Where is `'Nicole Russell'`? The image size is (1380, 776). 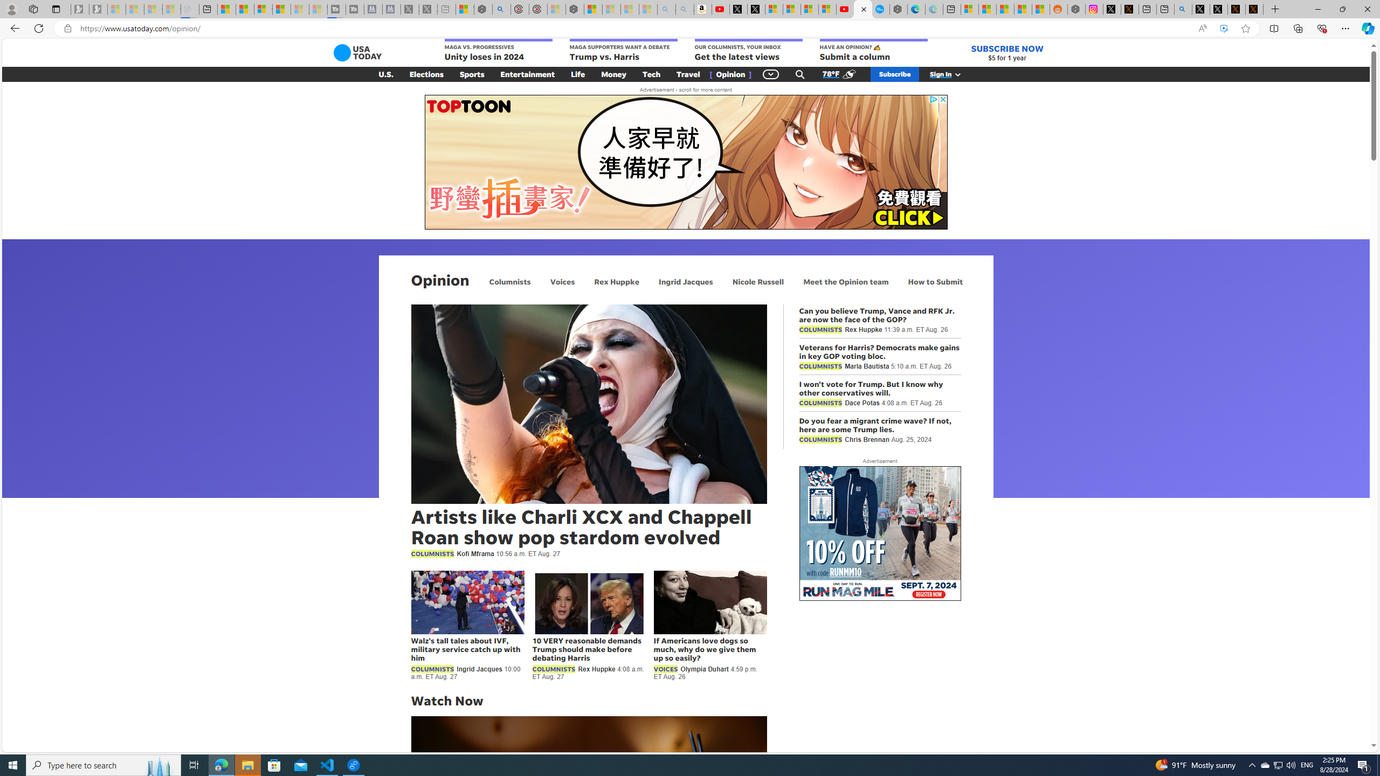
'Nicole Russell' is located at coordinates (758, 281).